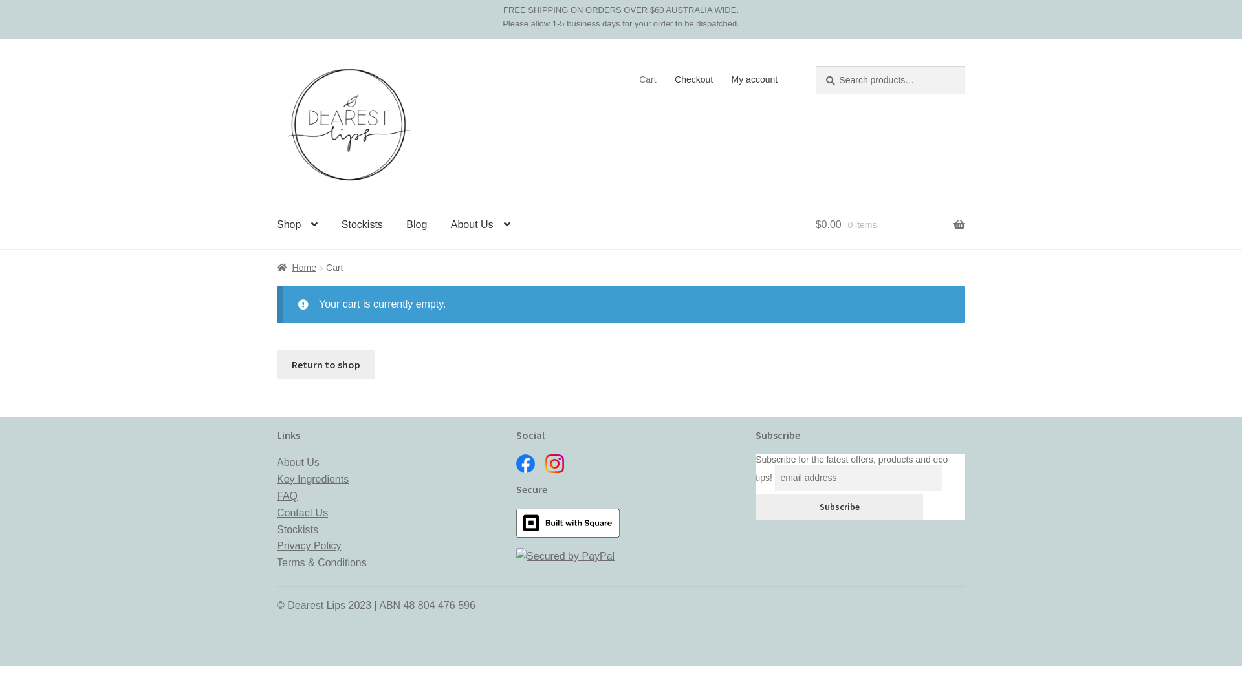 This screenshot has height=698, width=1242. I want to click on 'Terms & Conditions', so click(321, 562).